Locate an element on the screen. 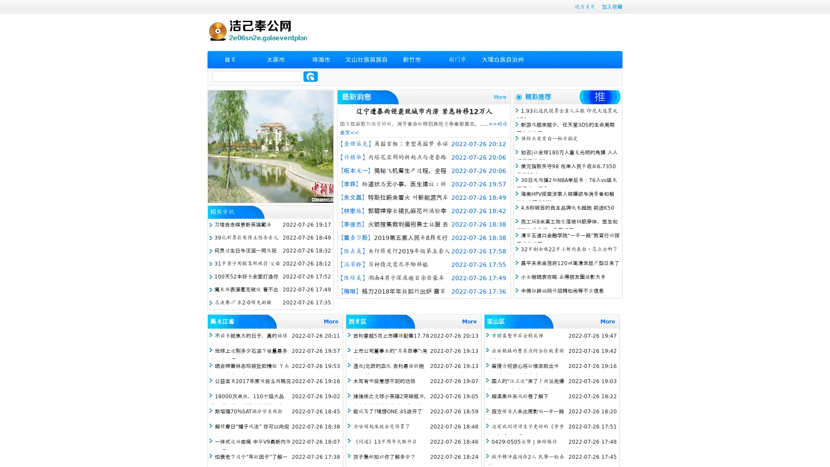  Search is located at coordinates (310, 76).